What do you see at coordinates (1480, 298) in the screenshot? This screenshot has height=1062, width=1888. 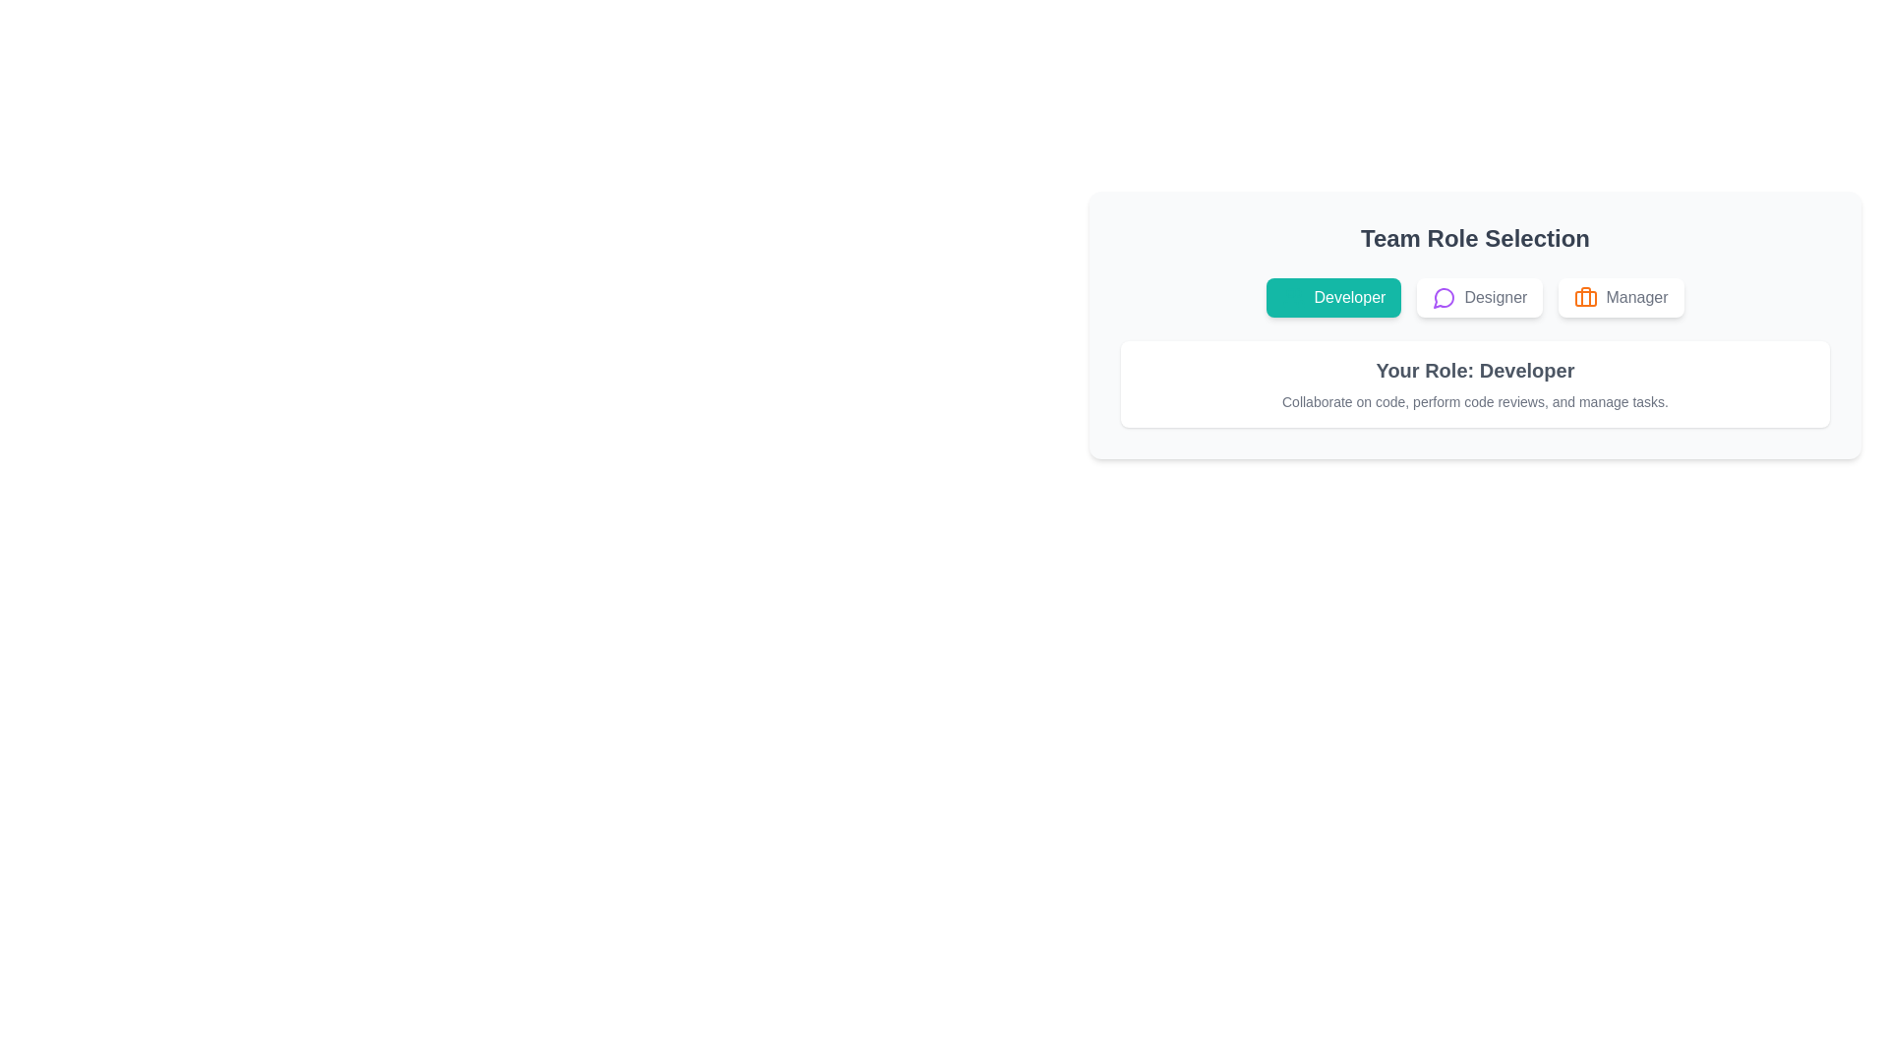 I see `the 'Designer' role selection button, which is the second button in a horizontal layout of three buttons labeled 'Developer', 'Designer', and 'Manager'` at bounding box center [1480, 298].